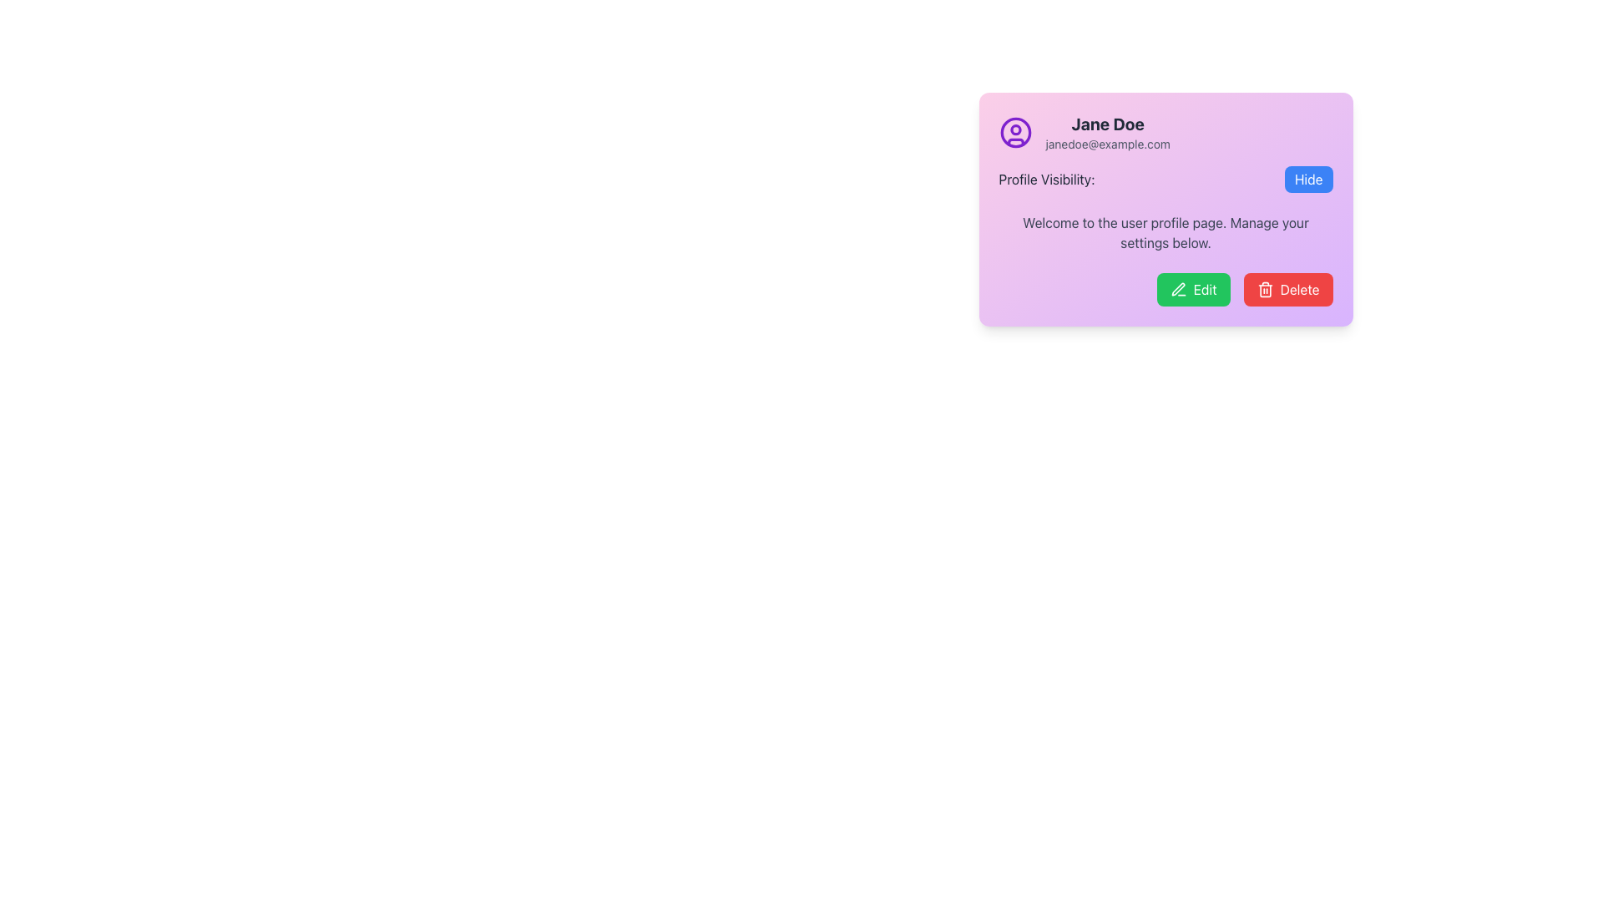 The height and width of the screenshot is (902, 1603). Describe the element at coordinates (1045, 180) in the screenshot. I see `the text label 'Profile Visibility:' styled in gray font, which is located to the left of the 'Hide' button in the user profile interface` at that location.